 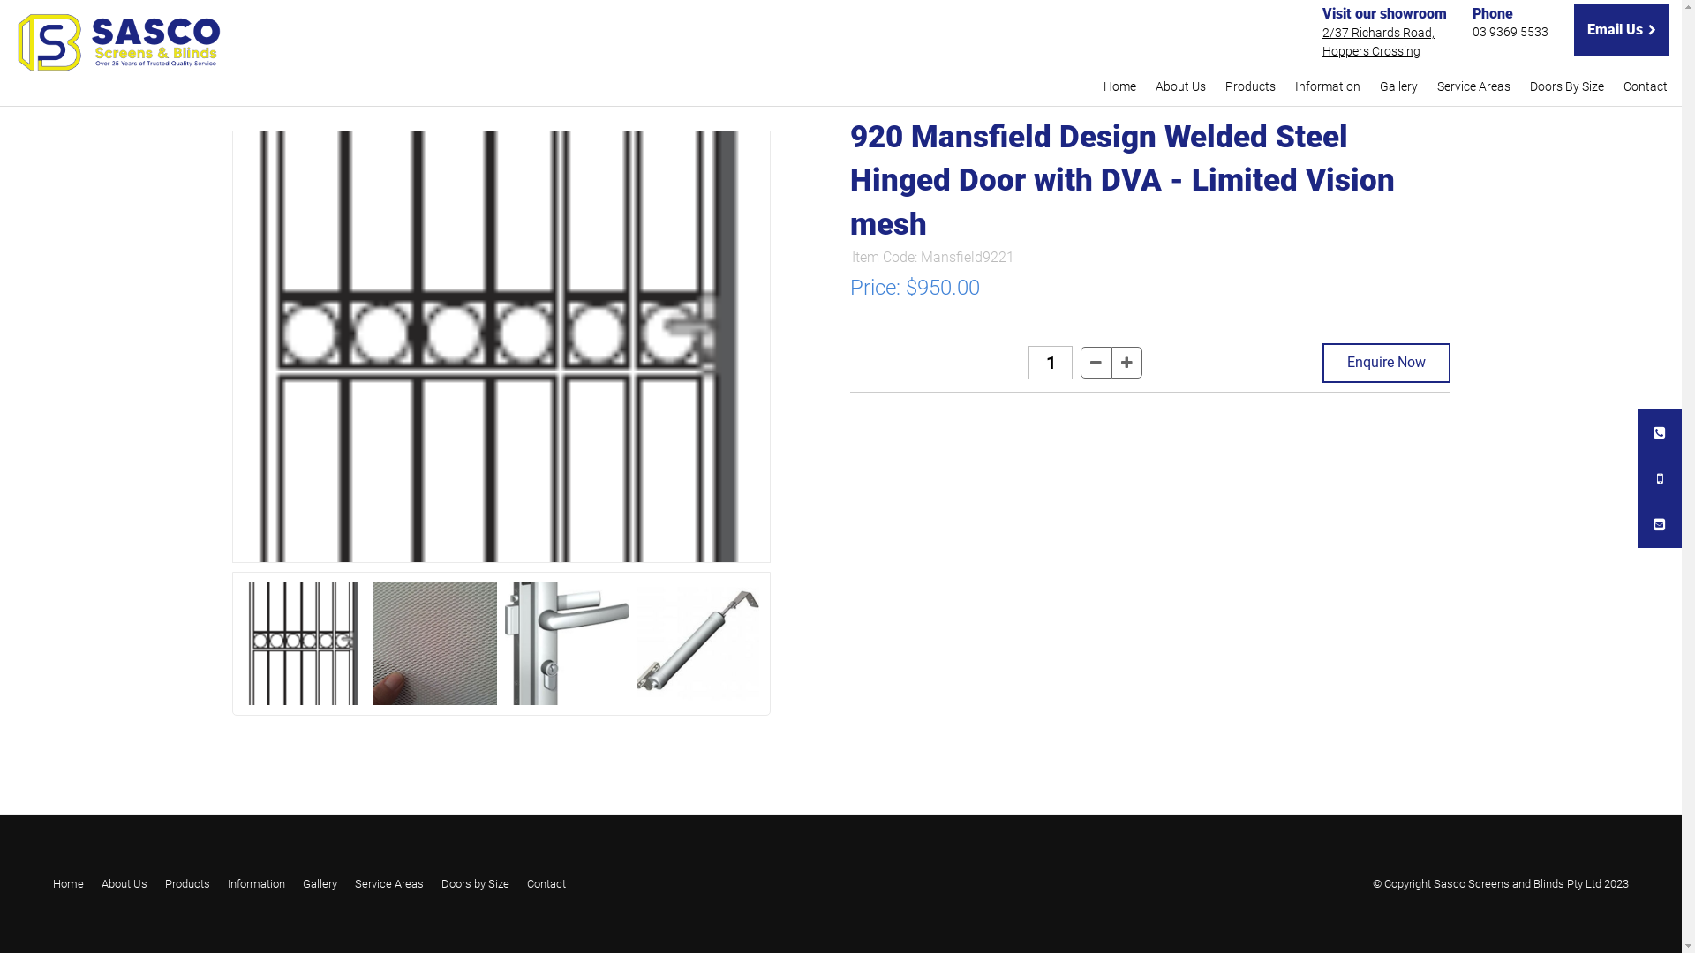 What do you see at coordinates (1384, 363) in the screenshot?
I see `'Enquire Now'` at bounding box center [1384, 363].